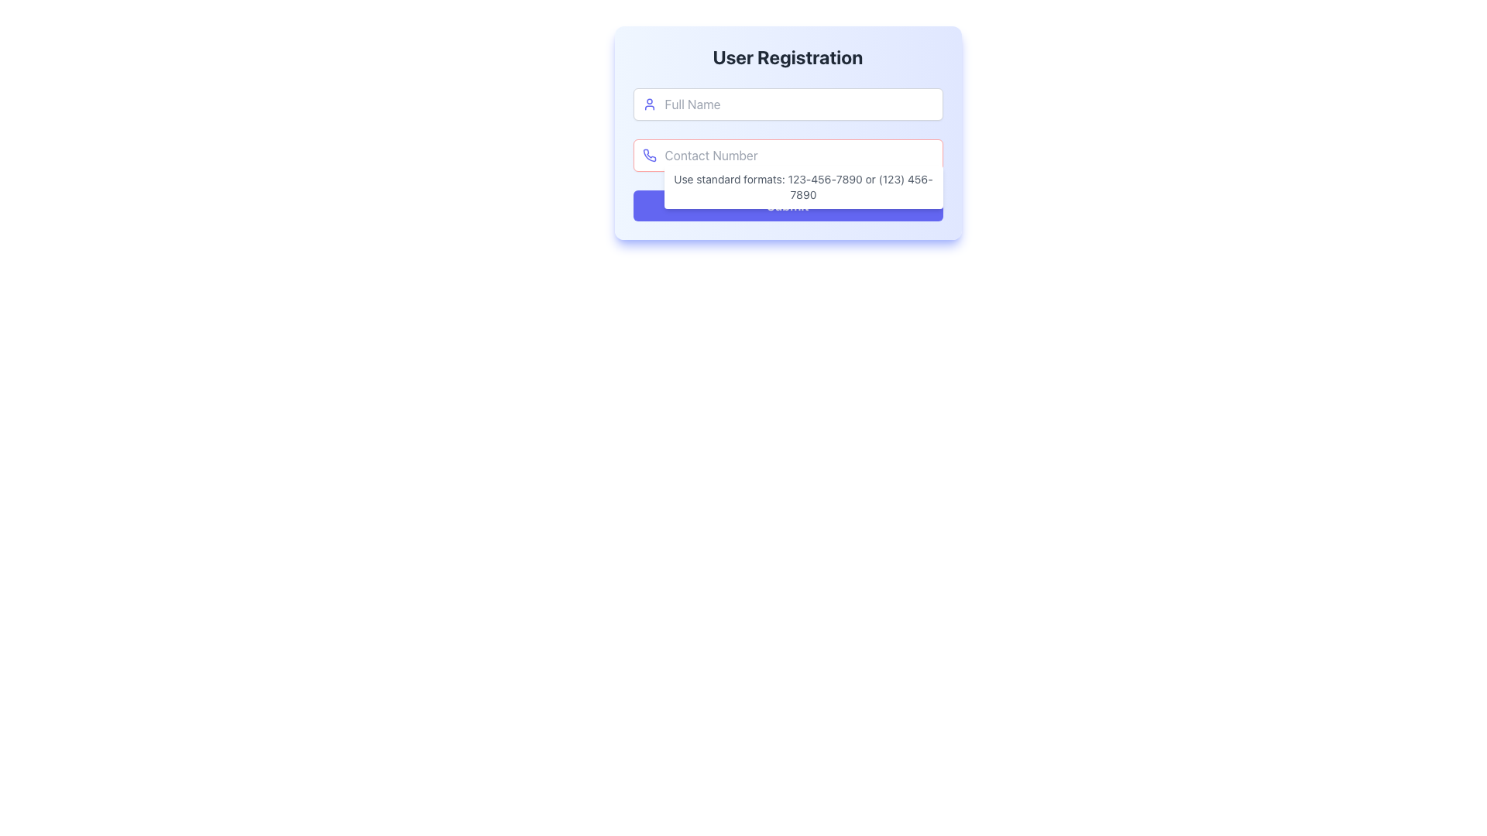 The height and width of the screenshot is (836, 1487). I want to click on the small blue phone icon located near the top-left inside the contact number input field, so click(649, 155).